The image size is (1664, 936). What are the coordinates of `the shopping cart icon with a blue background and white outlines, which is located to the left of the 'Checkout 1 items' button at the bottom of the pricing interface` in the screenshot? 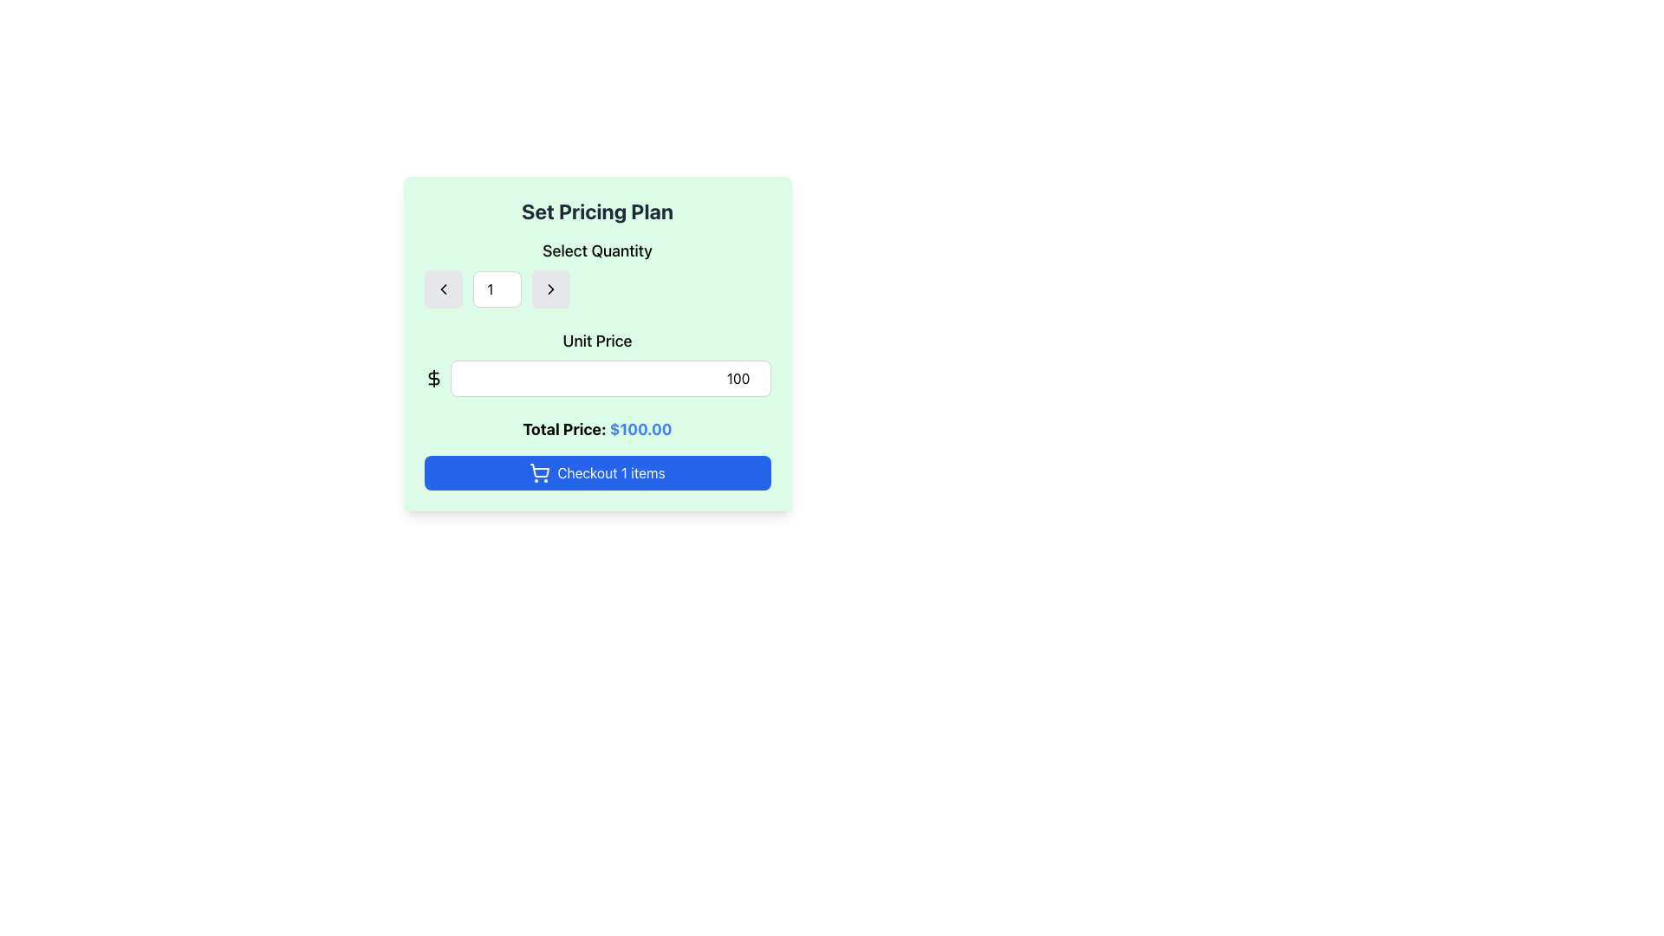 It's located at (539, 473).